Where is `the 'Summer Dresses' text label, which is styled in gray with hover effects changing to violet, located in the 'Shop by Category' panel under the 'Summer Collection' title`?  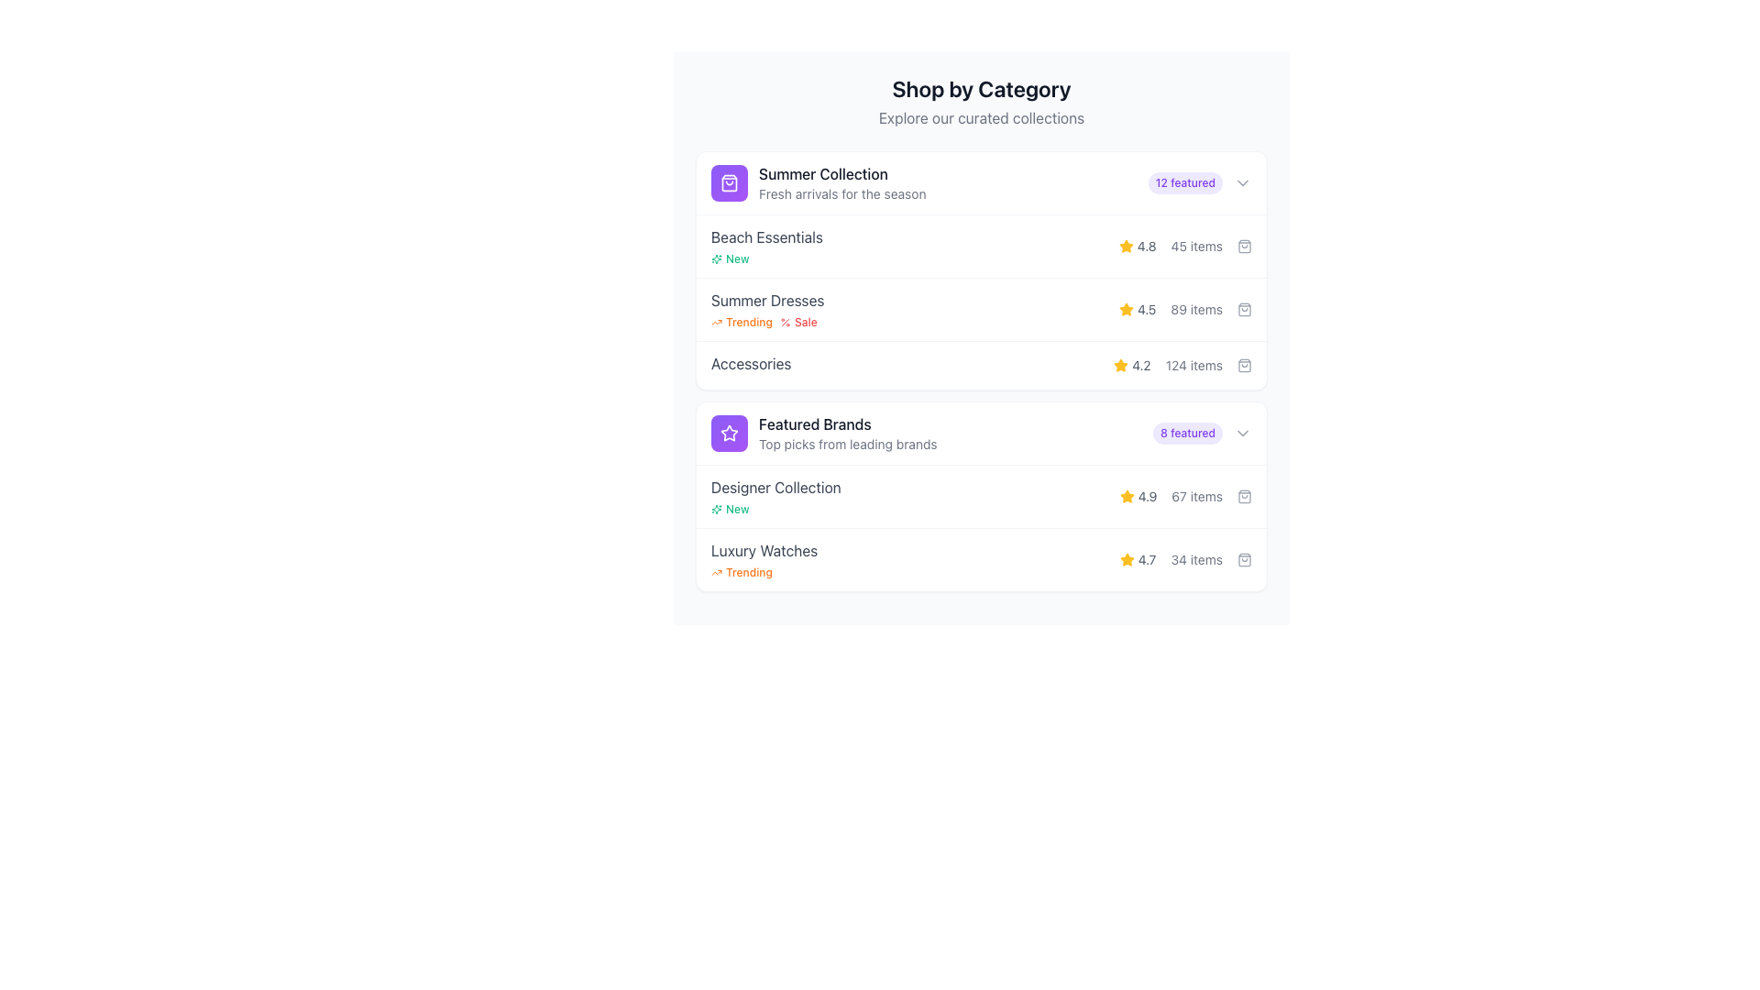 the 'Summer Dresses' text label, which is styled in gray with hover effects changing to violet, located in the 'Shop by Category' panel under the 'Summer Collection' title is located at coordinates (767, 299).